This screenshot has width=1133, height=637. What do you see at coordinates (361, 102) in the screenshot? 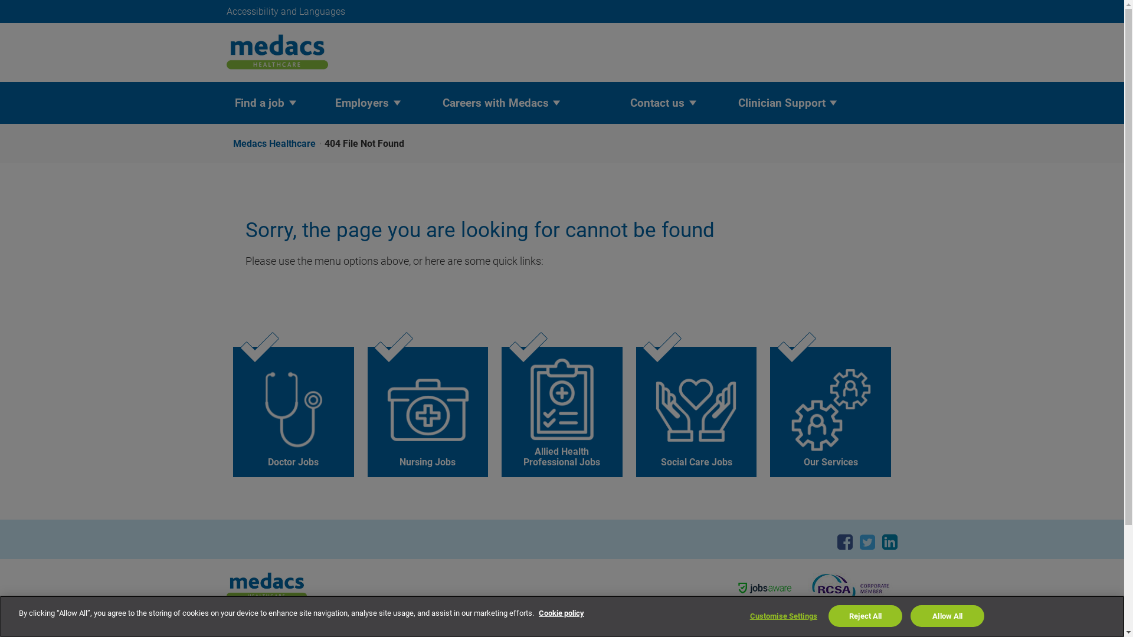
I see `'Employers'` at bounding box center [361, 102].